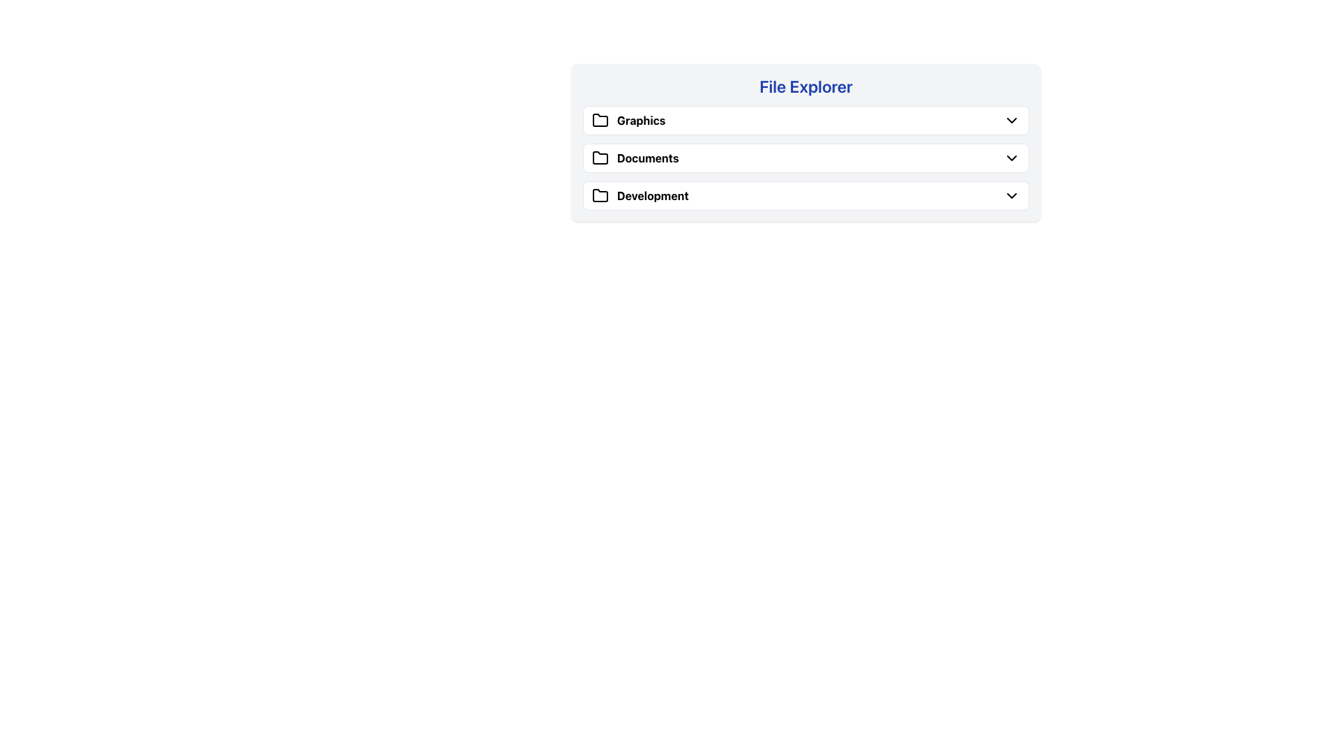 This screenshot has width=1339, height=753. What do you see at coordinates (1011, 158) in the screenshot?
I see `the downwards-facing chevron icon at the rightmost end of the 'Documents' row` at bounding box center [1011, 158].